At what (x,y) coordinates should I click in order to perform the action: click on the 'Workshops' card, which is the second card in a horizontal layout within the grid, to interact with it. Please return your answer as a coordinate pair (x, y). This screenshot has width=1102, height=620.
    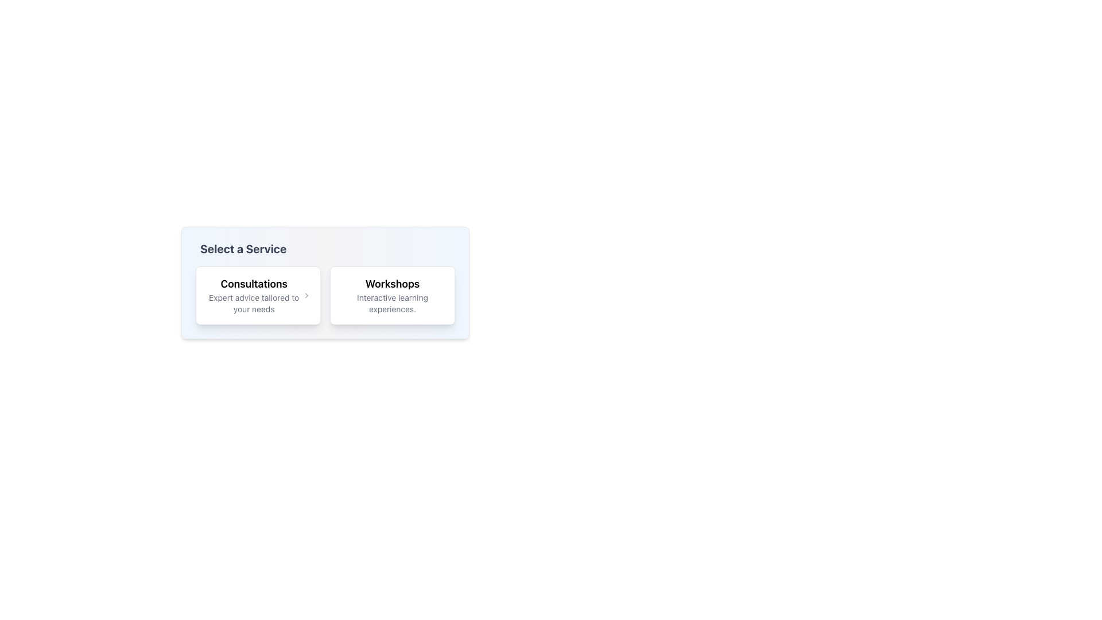
    Looking at the image, I should click on (393, 295).